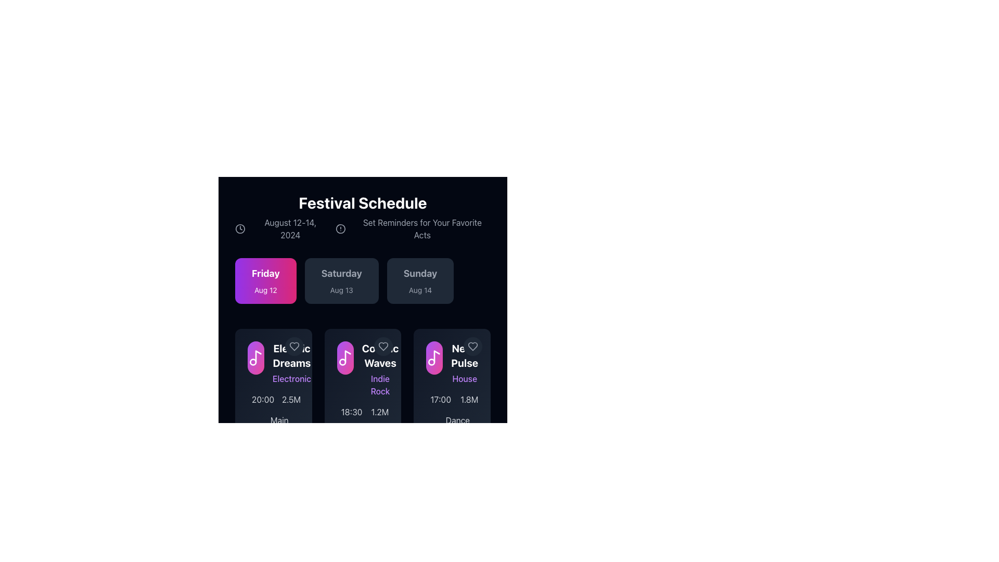 This screenshot has height=562, width=999. Describe the element at coordinates (472, 347) in the screenshot. I see `the toggleable favorite button located at the upper-right corner of the 'Neon Pulse' music event card to mark it as favorite` at that location.